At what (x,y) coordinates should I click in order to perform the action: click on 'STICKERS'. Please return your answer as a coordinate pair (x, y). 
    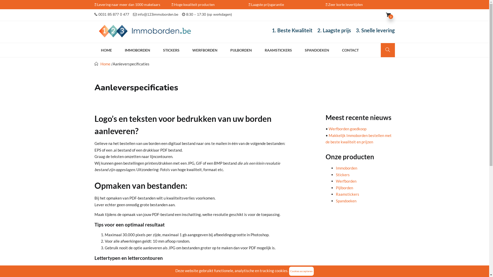
    Looking at the image, I should click on (171, 50).